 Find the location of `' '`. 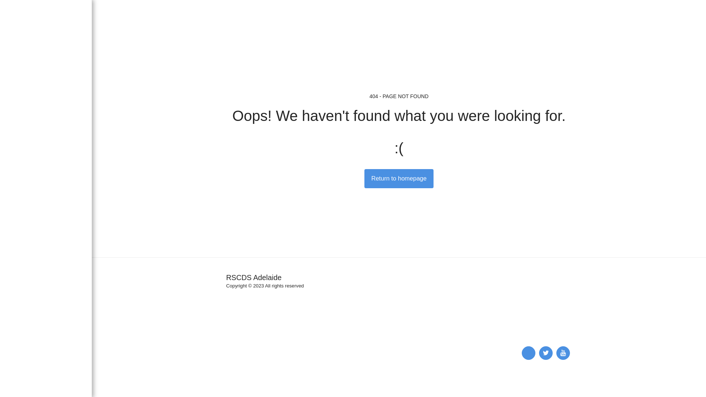

' ' is located at coordinates (563, 353).